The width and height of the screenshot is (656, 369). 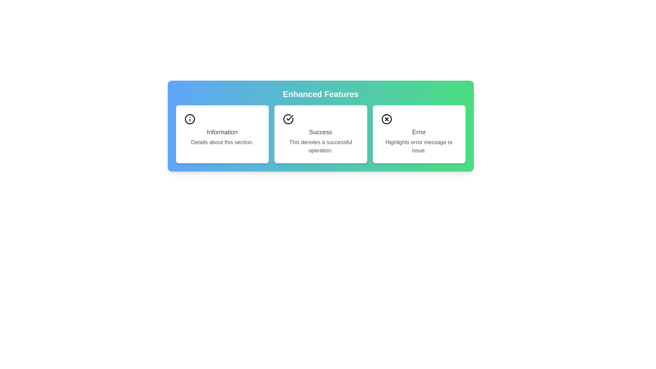 I want to click on the circular icon with a checkmark that signifies success, located in the 'Enhanced Features' section of the 'Success' card, so click(x=288, y=119).